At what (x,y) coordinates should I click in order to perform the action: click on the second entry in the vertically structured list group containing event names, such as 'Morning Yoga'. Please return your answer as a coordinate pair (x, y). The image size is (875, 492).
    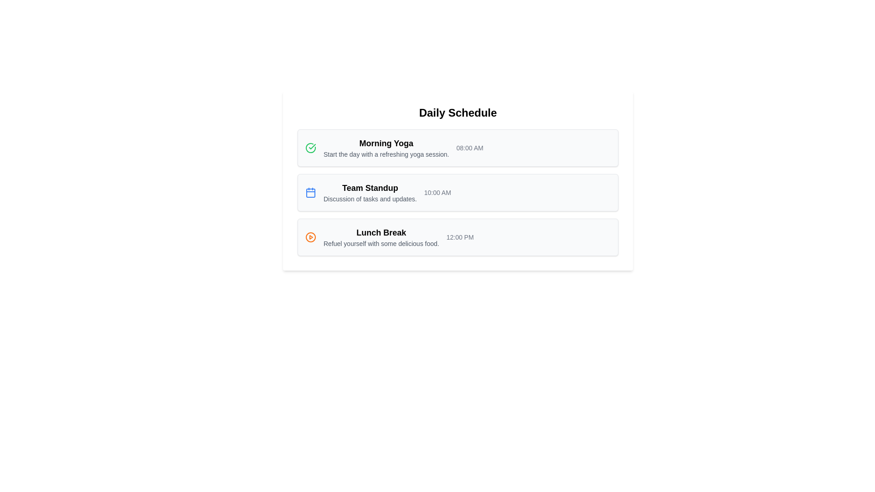
    Looking at the image, I should click on (458, 192).